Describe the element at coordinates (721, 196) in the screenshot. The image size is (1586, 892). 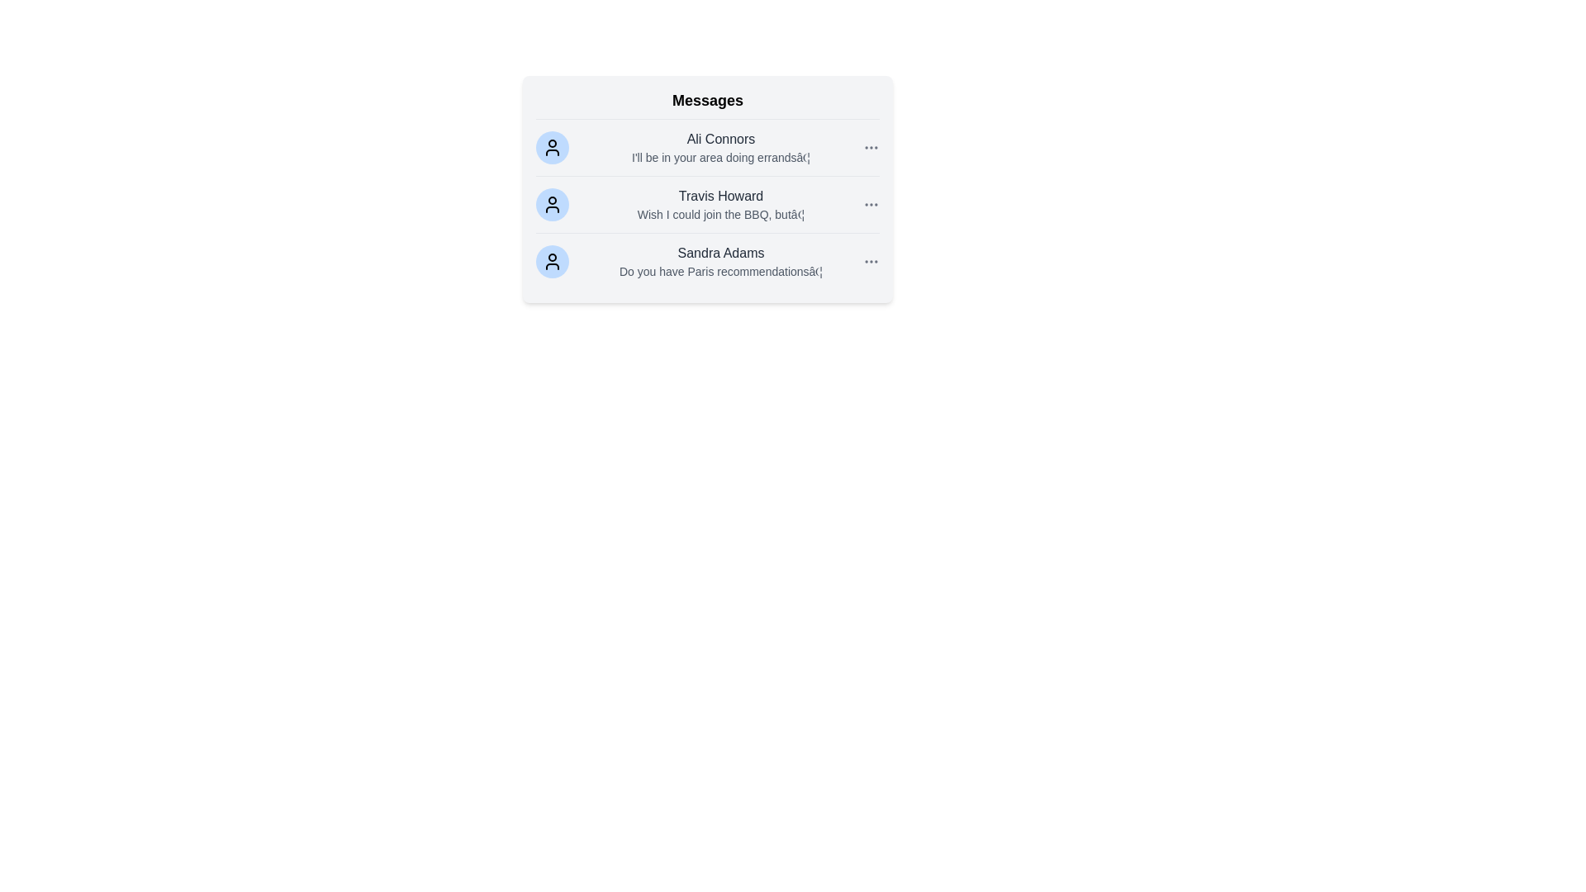
I see `text displayed in the Text Label that identifies the sender of the message, located above the message preview 'Wish I could join the BBQ, butâ€¦' in the second position of a vertical list of messages` at that location.